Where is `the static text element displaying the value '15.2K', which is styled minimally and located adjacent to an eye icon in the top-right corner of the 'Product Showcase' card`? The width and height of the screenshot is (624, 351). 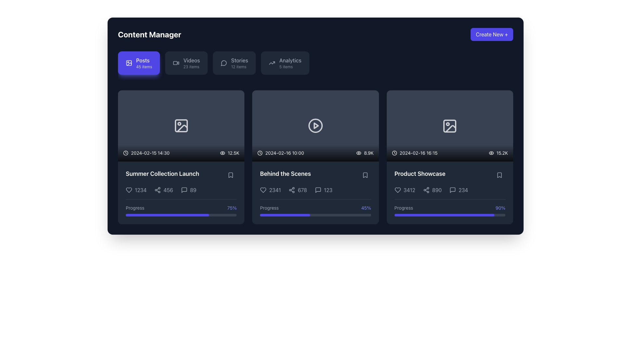
the static text element displaying the value '15.2K', which is styled minimally and located adjacent to an eye icon in the top-right corner of the 'Product Showcase' card is located at coordinates (502, 153).